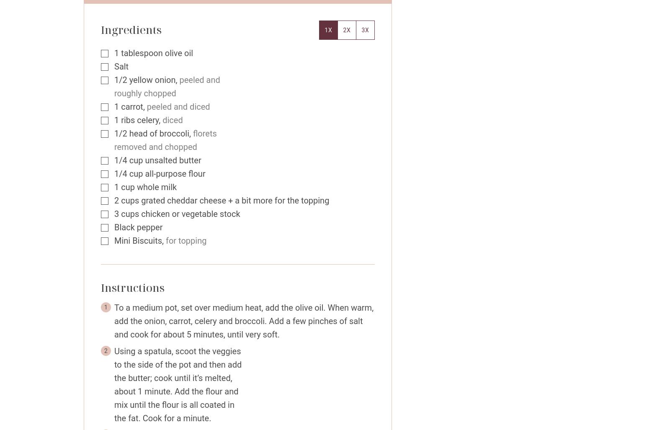 This screenshot has height=430, width=670. I want to click on '3x', so click(365, 29).